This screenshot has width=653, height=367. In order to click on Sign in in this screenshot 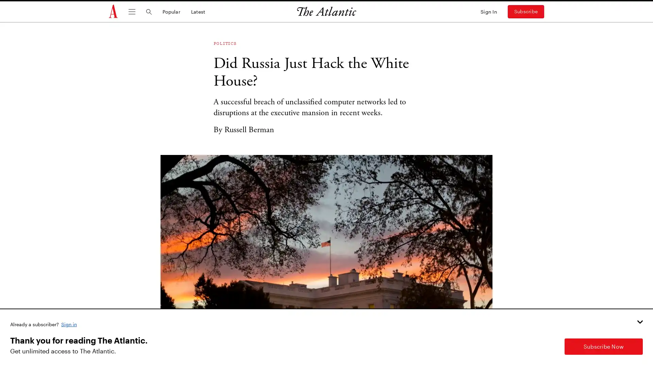, I will do `click(69, 324)`.